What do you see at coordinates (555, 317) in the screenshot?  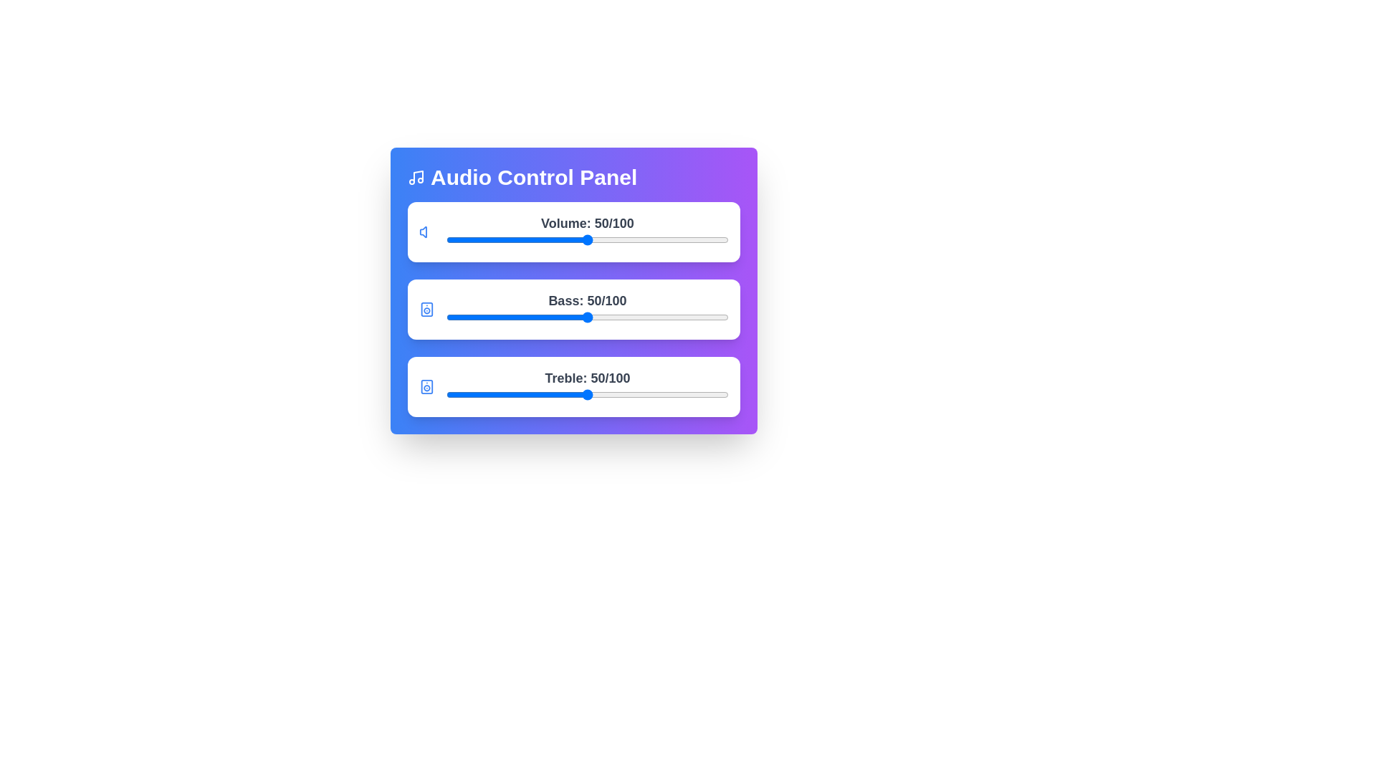 I see `the bass slider to 39` at bounding box center [555, 317].